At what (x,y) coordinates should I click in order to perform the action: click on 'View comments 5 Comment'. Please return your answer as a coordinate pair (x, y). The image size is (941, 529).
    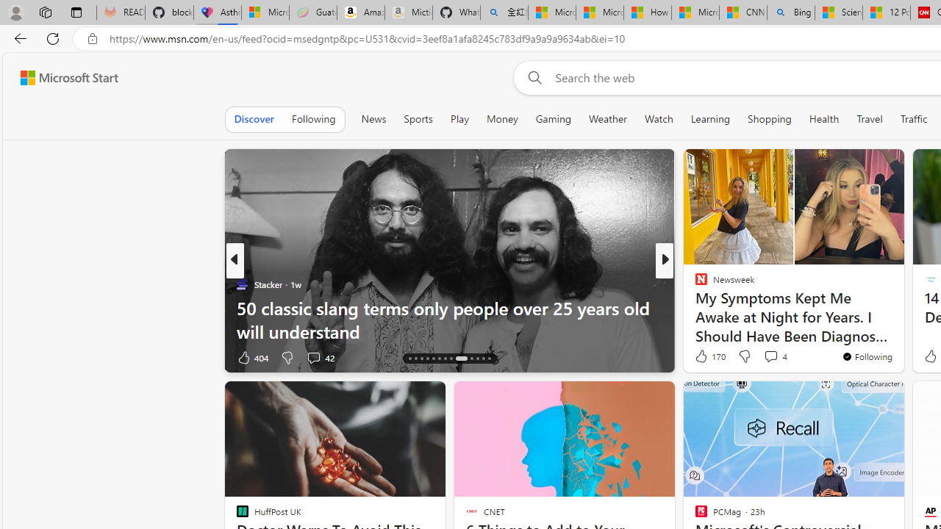
    Looking at the image, I should click on (765, 357).